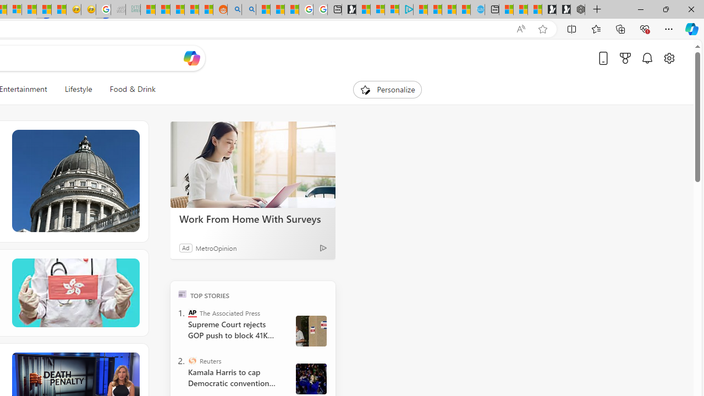  What do you see at coordinates (248, 9) in the screenshot?
I see `'Utah sues federal government - Search'` at bounding box center [248, 9].